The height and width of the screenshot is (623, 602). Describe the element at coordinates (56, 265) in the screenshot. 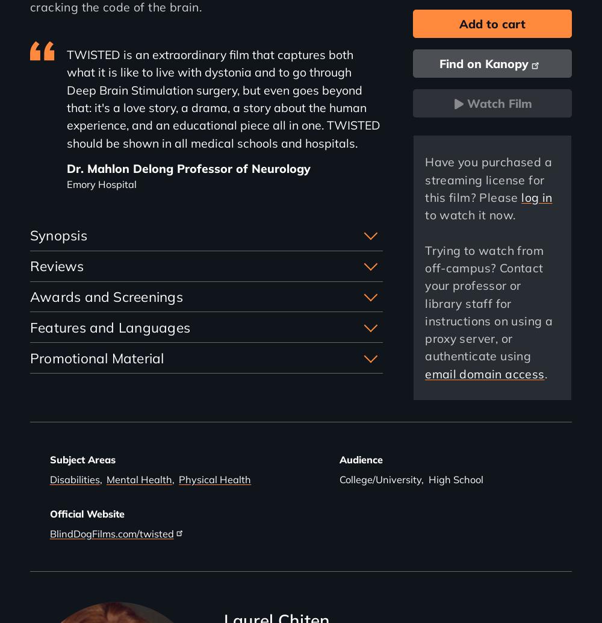

I see `'Reviews'` at that location.